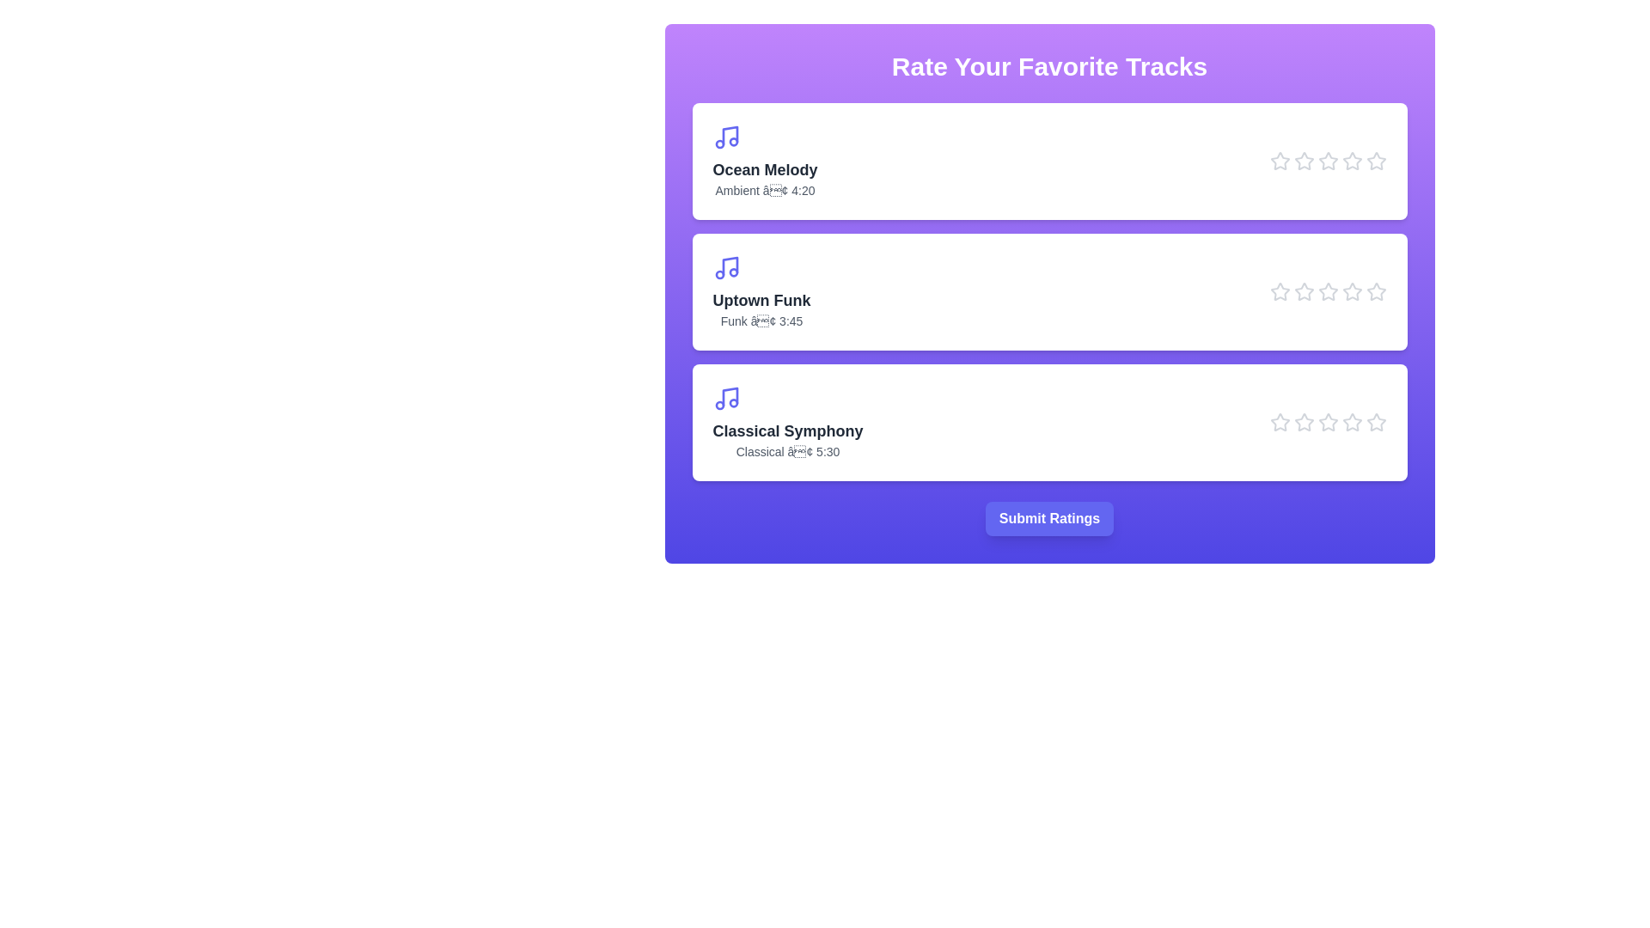  I want to click on the star icon corresponding to Ocean Melody at 2 stars to preview the rating, so click(1304, 162).